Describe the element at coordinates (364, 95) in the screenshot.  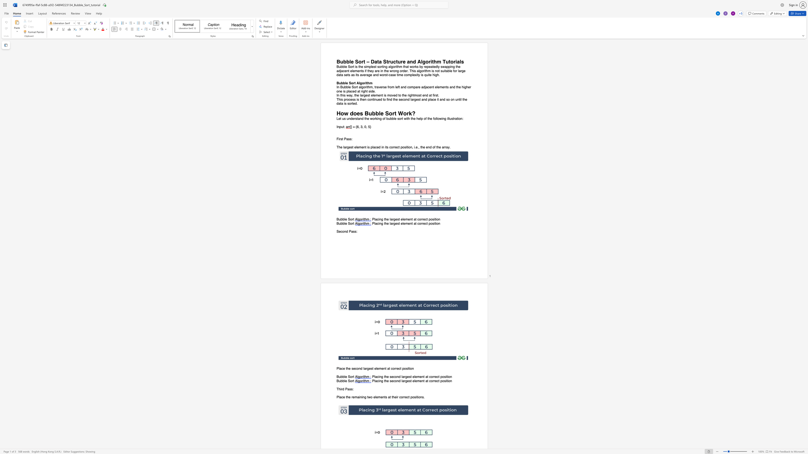
I see `the 1th character "g" in the text` at that location.